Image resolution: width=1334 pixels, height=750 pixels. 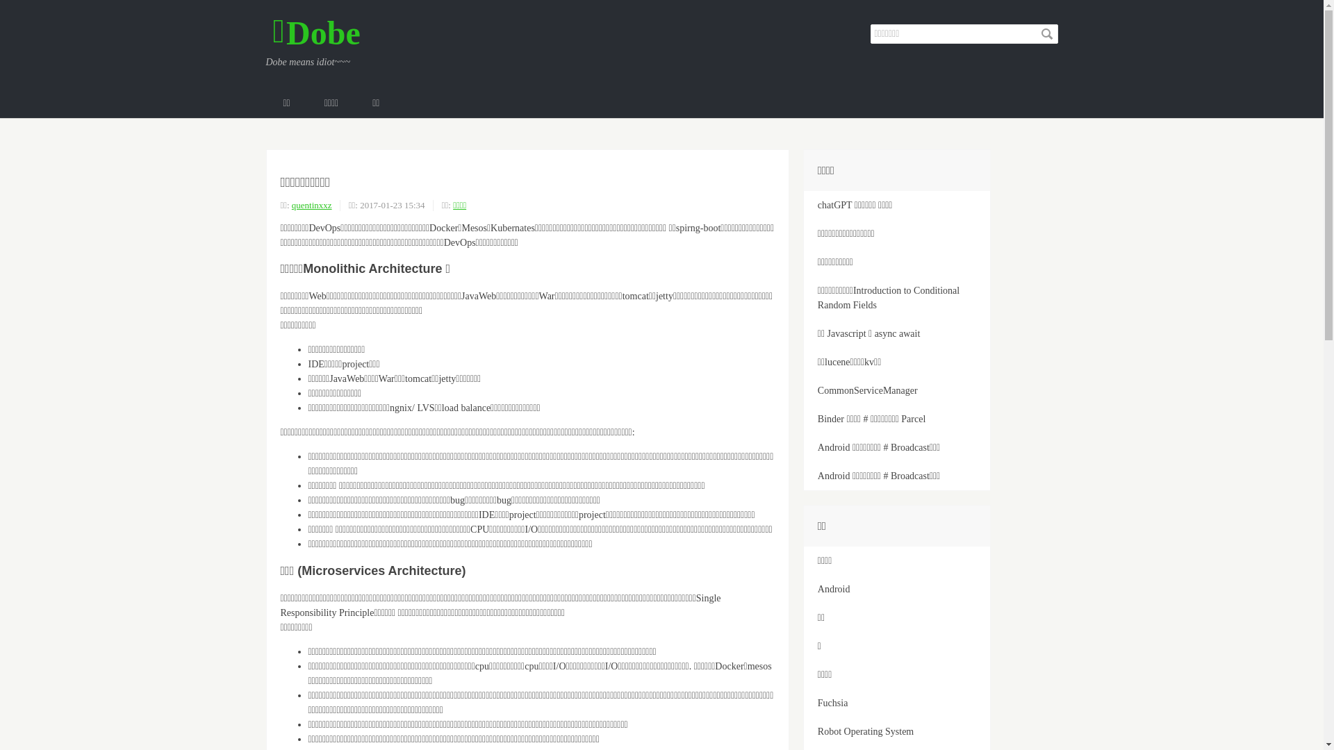 I want to click on 'CommonServiceManager', so click(x=897, y=390).